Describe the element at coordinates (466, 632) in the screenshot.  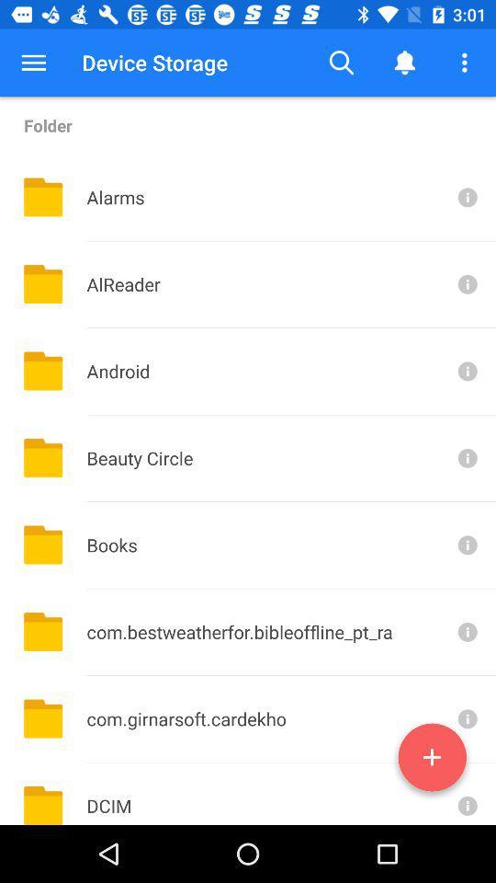
I see `information button` at that location.